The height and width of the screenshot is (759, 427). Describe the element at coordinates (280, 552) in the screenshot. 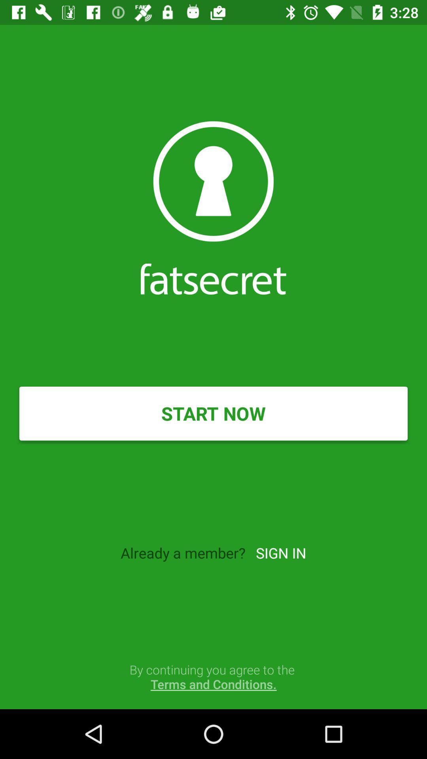

I see `the sign in icon` at that location.